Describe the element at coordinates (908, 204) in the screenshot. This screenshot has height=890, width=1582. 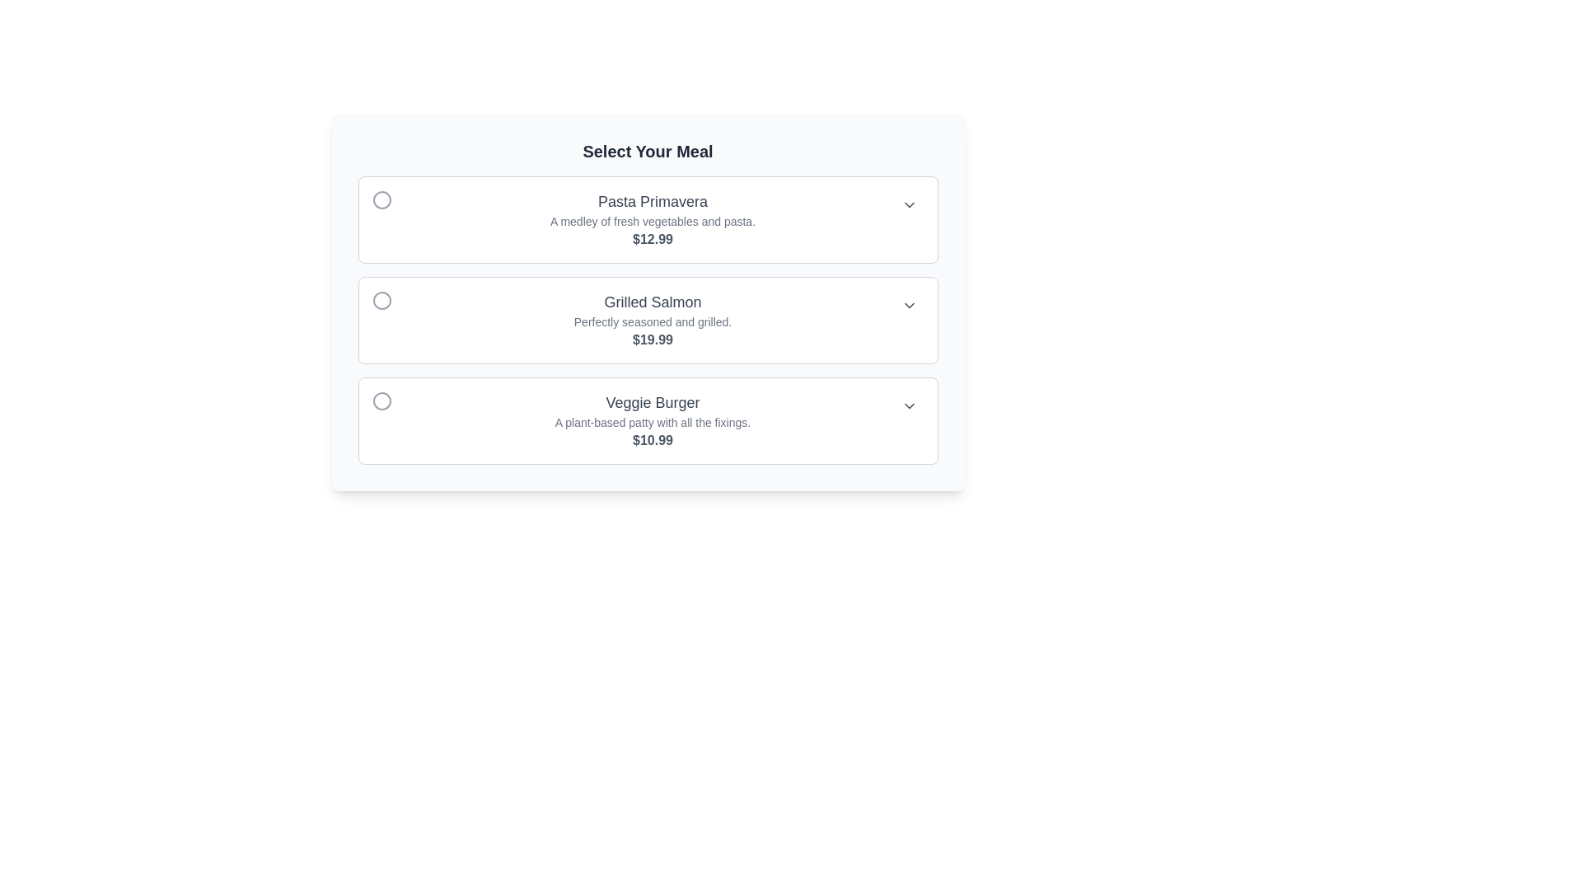
I see `the dropdown toggle button located in the upper-right corner of the 'Pasta Primavera' meal option card` at that location.